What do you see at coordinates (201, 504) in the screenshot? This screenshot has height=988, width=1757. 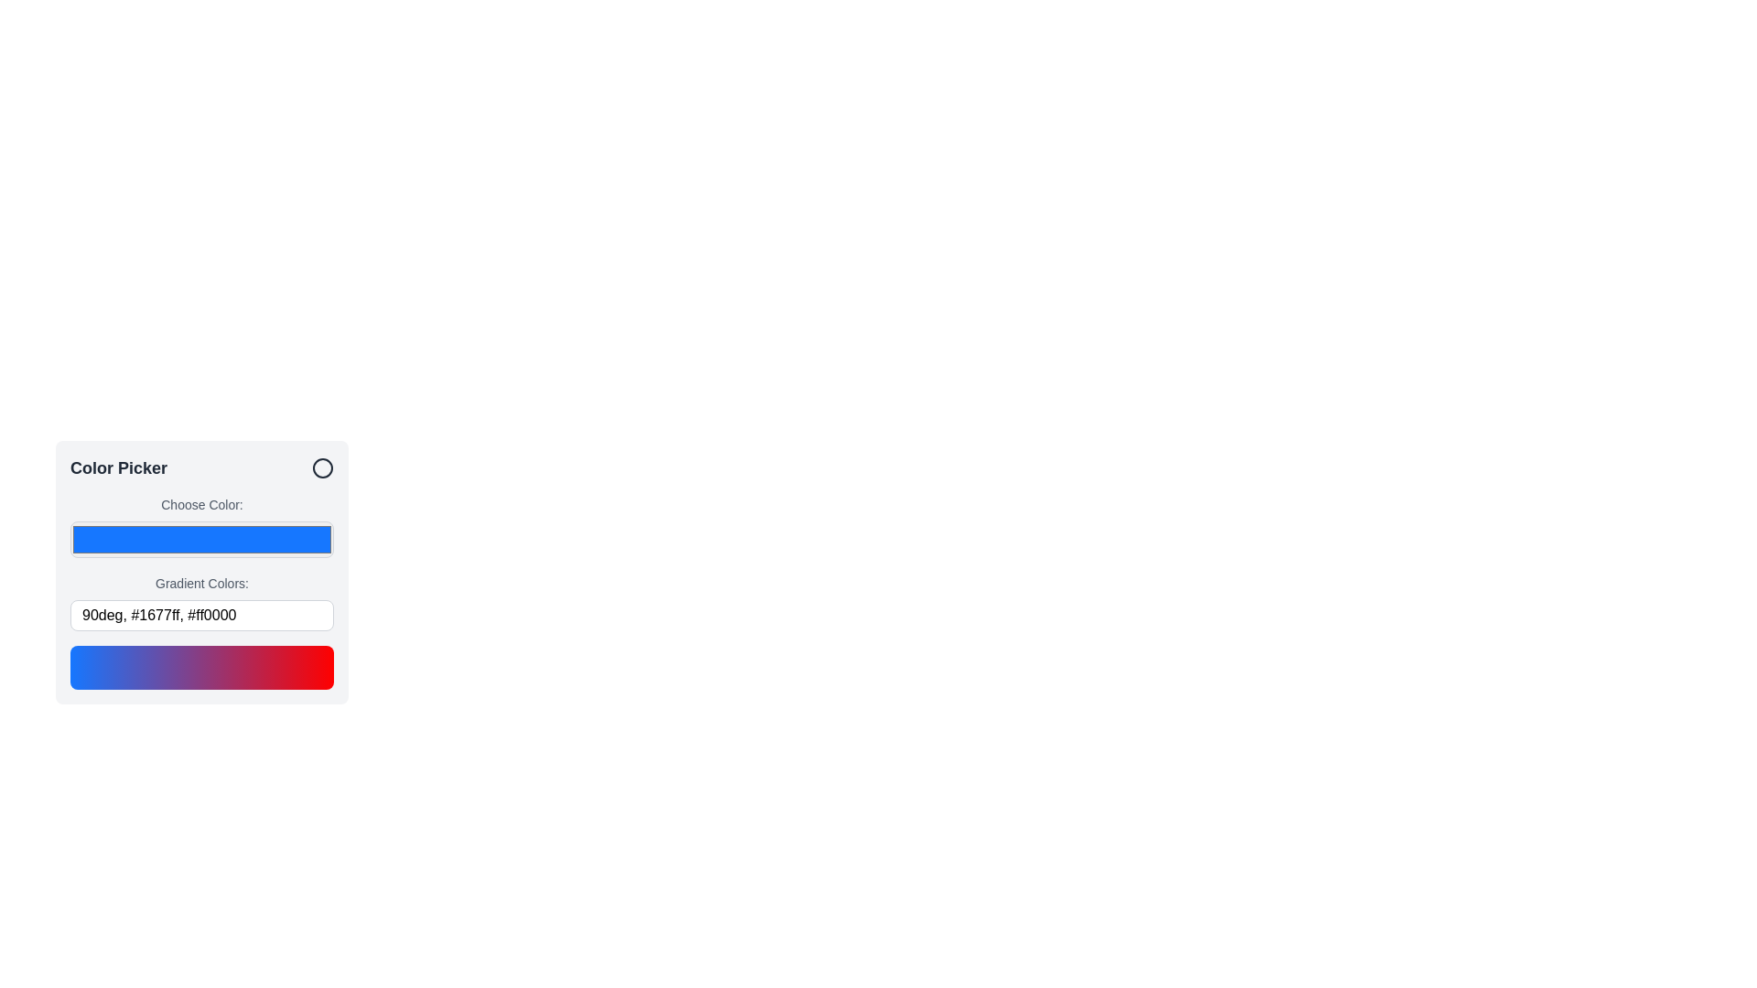 I see `text label that provides context for the following color input field, located directly below the 'Color Picker' heading` at bounding box center [201, 504].